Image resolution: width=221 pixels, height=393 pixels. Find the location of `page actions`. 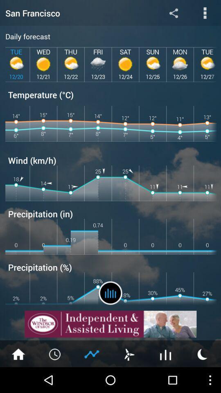

page actions is located at coordinates (205, 12).